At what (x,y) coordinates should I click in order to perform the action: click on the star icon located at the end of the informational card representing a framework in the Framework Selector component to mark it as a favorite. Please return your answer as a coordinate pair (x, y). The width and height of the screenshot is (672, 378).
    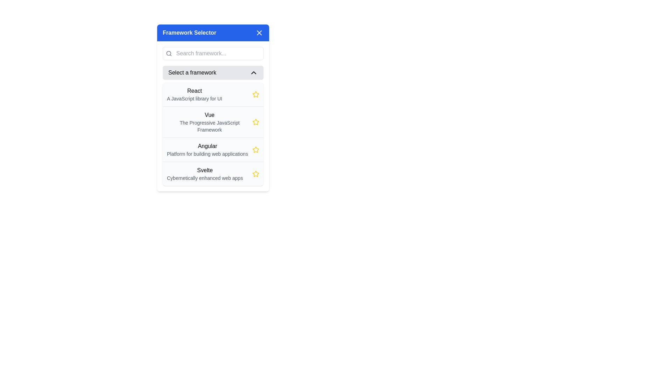
    Looking at the image, I should click on (213, 116).